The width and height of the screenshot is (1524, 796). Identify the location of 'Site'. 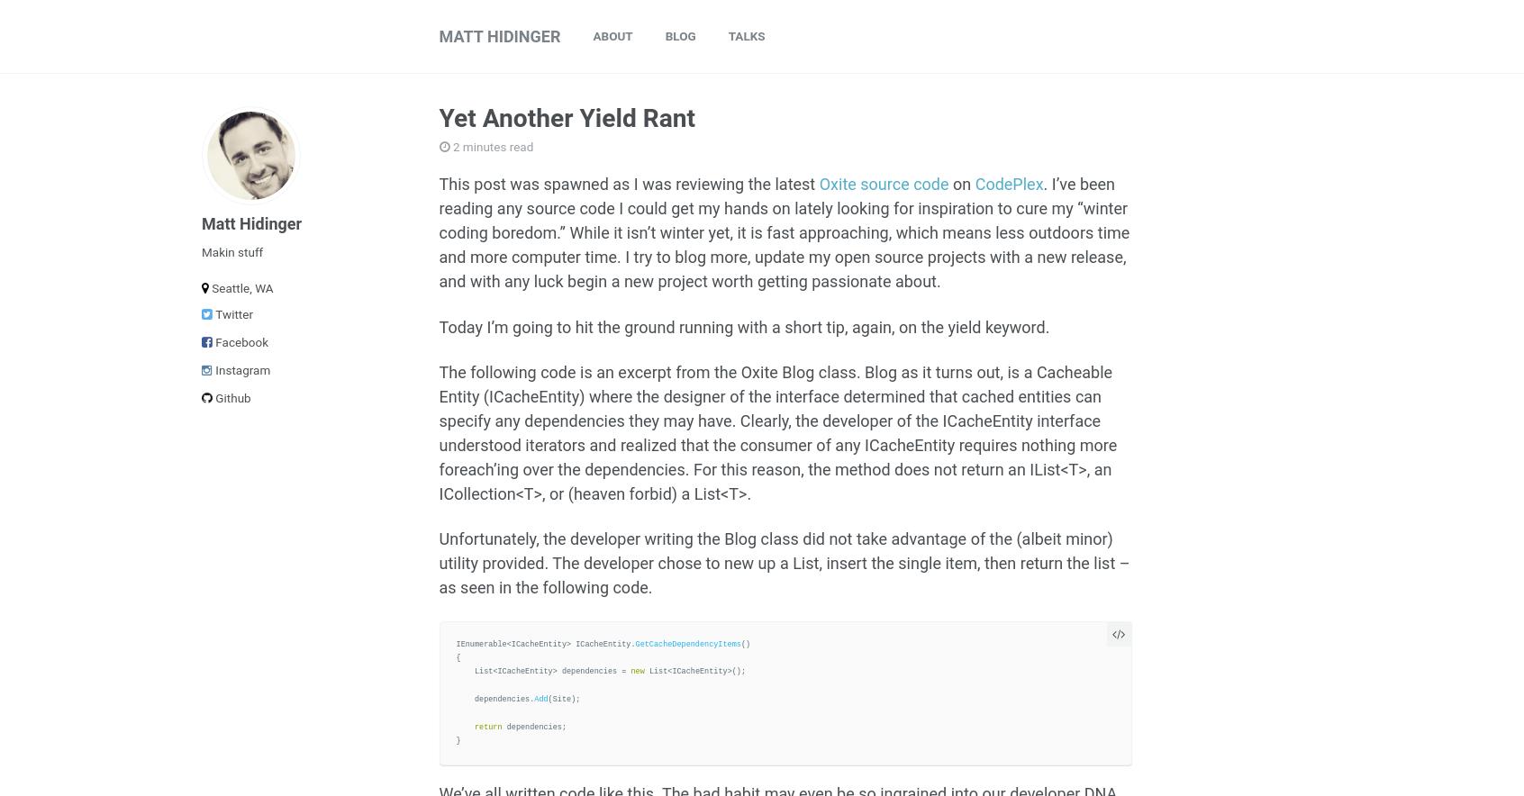
(560, 699).